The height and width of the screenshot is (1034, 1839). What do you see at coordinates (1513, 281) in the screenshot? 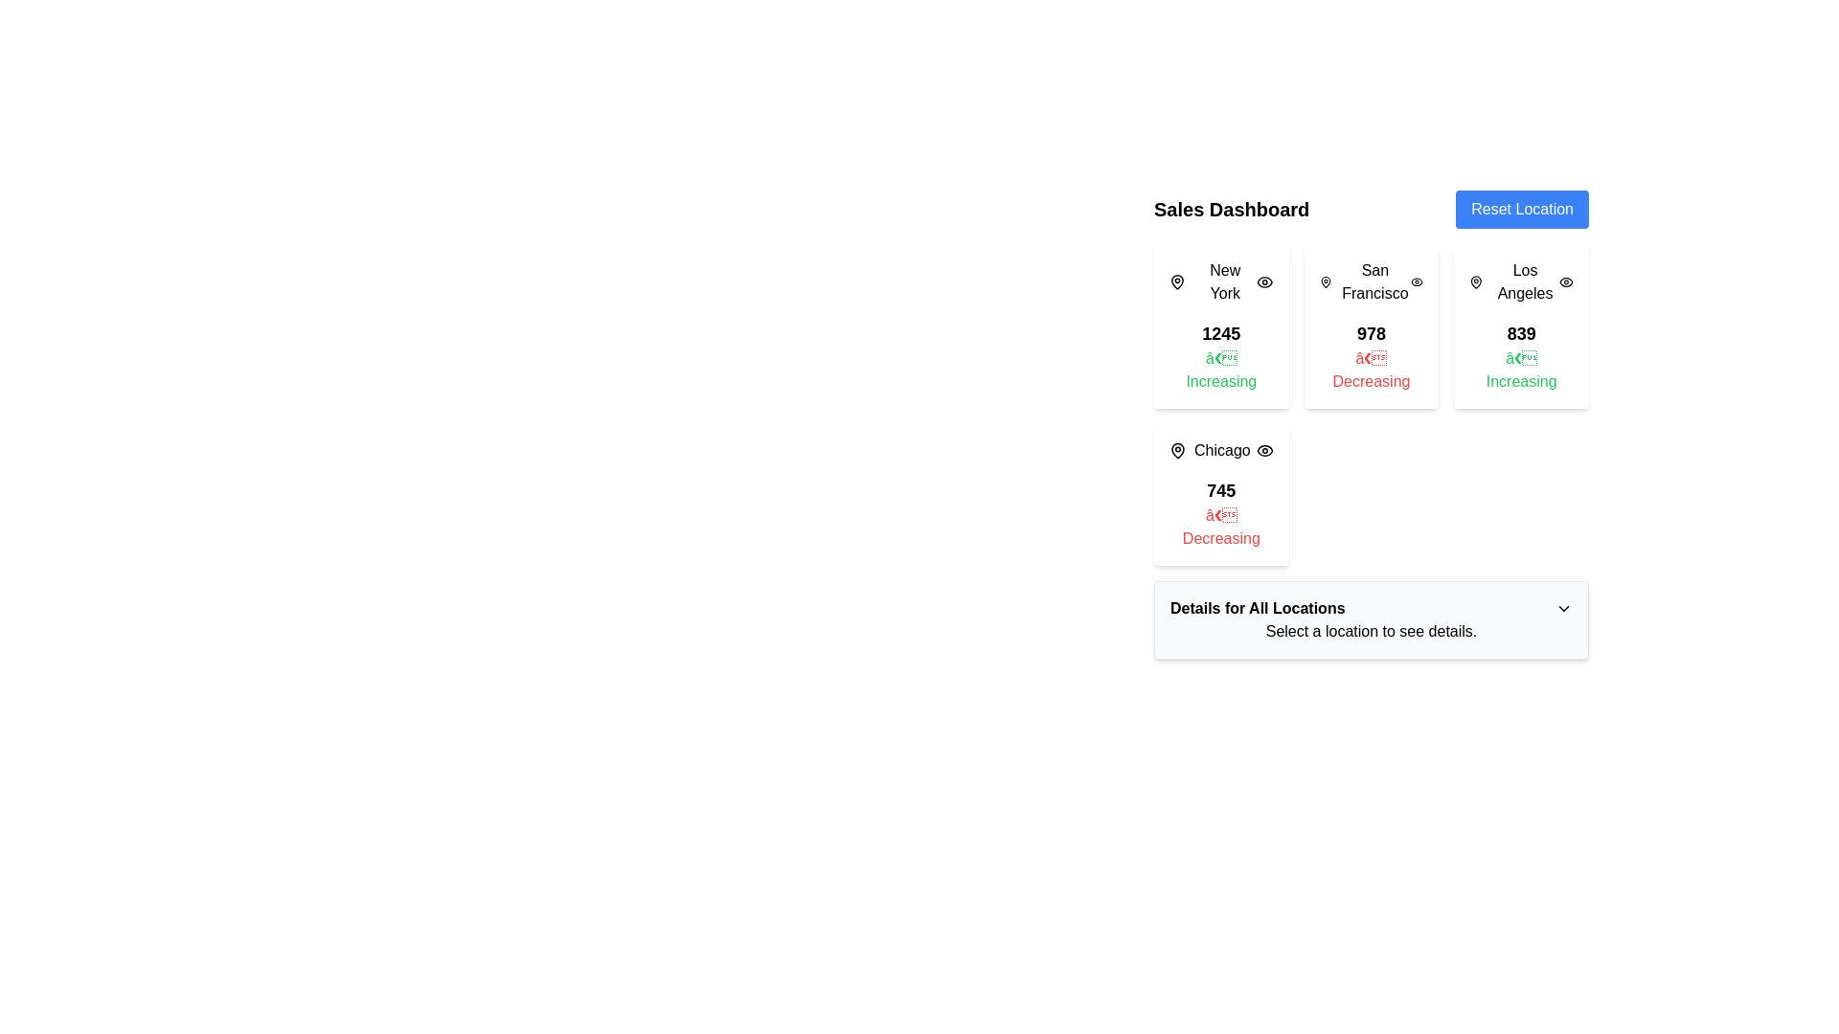
I see `the text label for the city 'Los Angeles', which is the third card in a row of location-based statistics on the dashboard` at bounding box center [1513, 281].